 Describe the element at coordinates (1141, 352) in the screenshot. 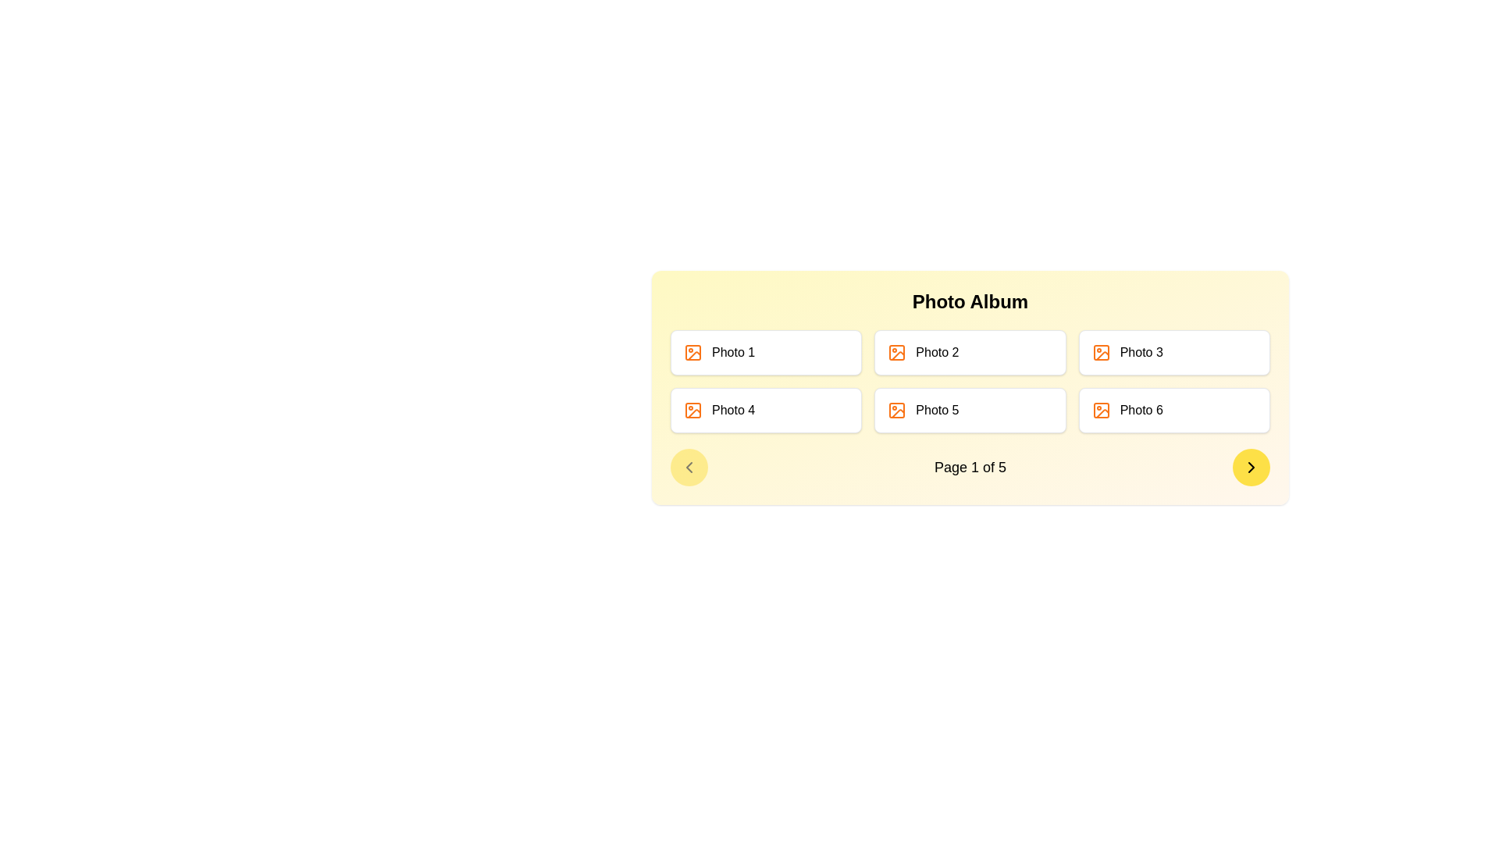

I see `the 'Photo 3' label, which is styled in black bold font and is the third item from the left in the top row of a grid displaying photo labels in a photo album interface, to use it as a reference to identify a photo` at that location.